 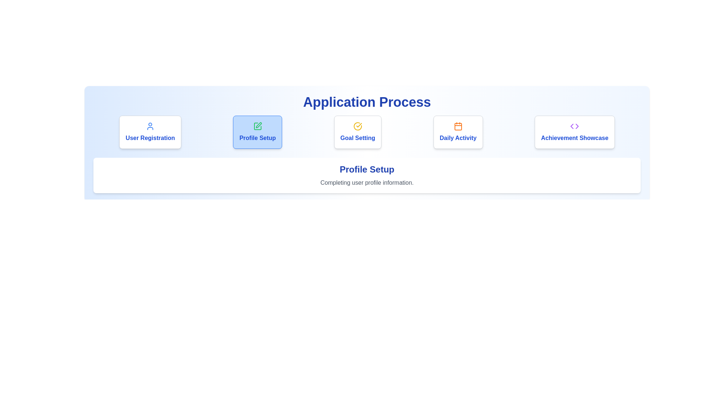 I want to click on the green outlined square icon with a stylized pen icon, located above the 'Profile Setup' text label within the 'Profile Setup' card, so click(x=257, y=126).